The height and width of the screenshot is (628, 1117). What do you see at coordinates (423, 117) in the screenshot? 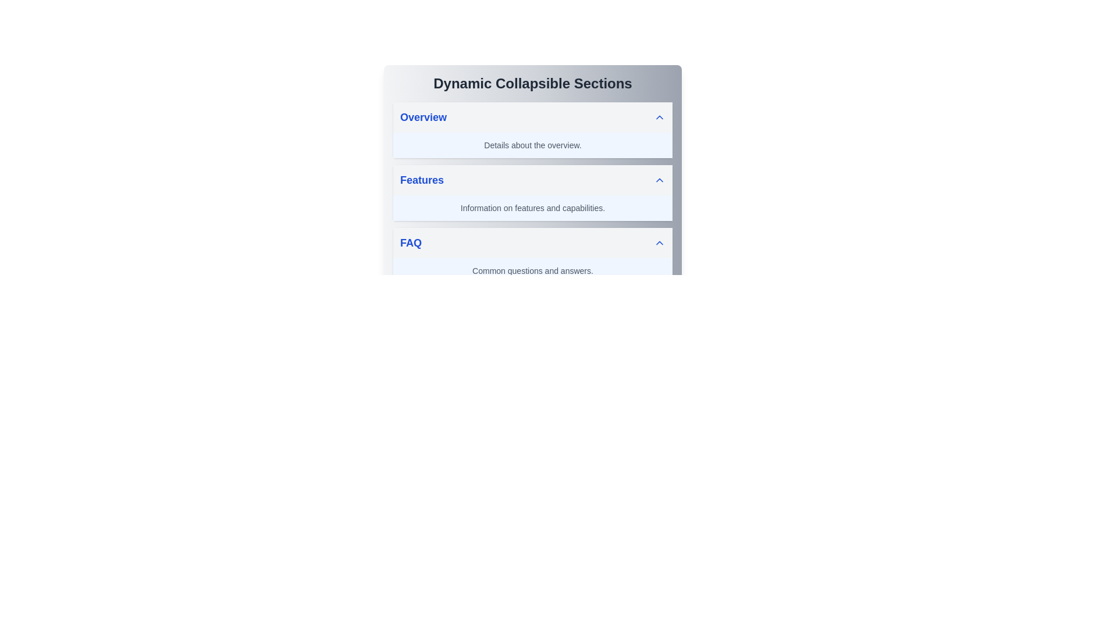
I see `the static text label indicating the 'Overview' section, which serves as a category header above the 'Details about the overview.'` at bounding box center [423, 117].